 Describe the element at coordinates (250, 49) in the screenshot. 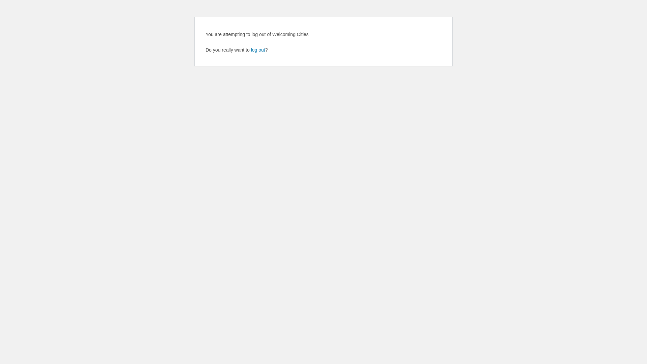

I see `'log out'` at that location.